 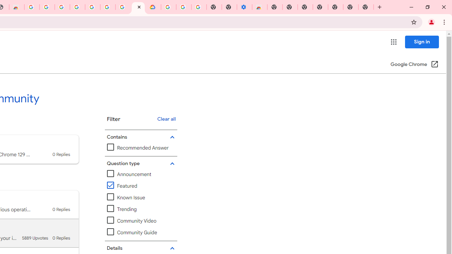 I want to click on ' Details filter group ', so click(x=140, y=248).